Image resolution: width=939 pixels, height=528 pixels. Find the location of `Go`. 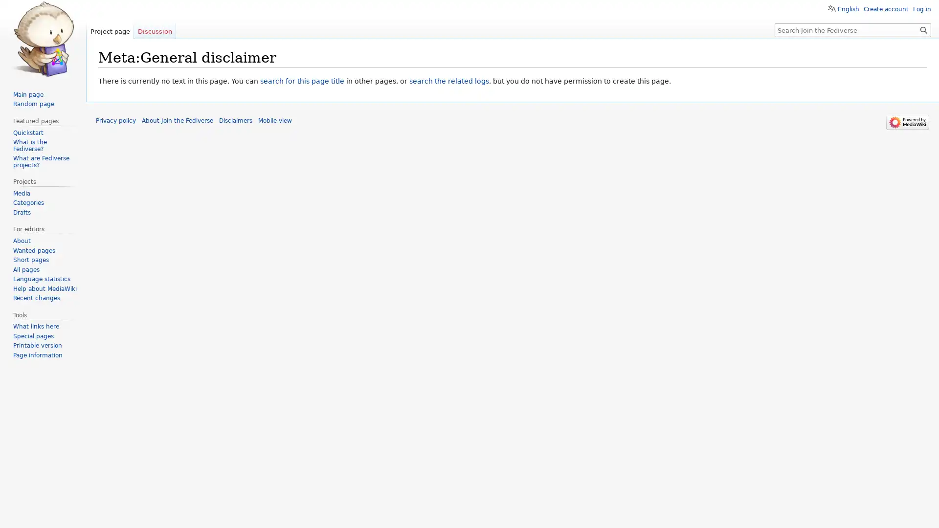

Go is located at coordinates (923, 29).